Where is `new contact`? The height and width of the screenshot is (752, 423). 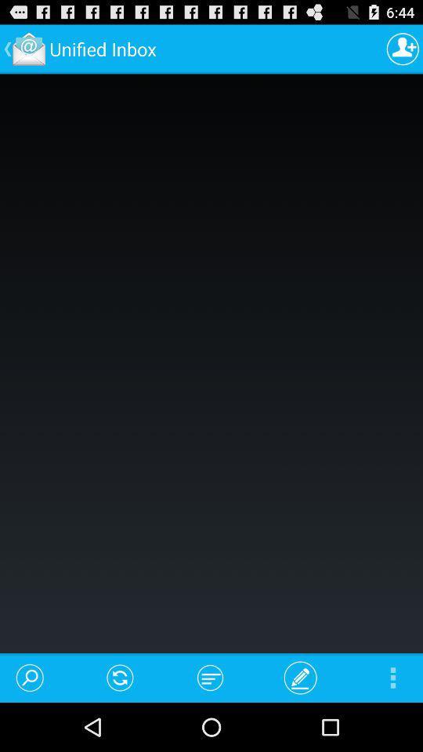 new contact is located at coordinates (403, 49).